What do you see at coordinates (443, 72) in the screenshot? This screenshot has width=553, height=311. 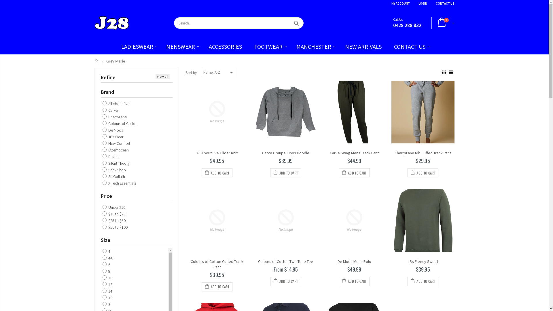 I see `'Grid view'` at bounding box center [443, 72].